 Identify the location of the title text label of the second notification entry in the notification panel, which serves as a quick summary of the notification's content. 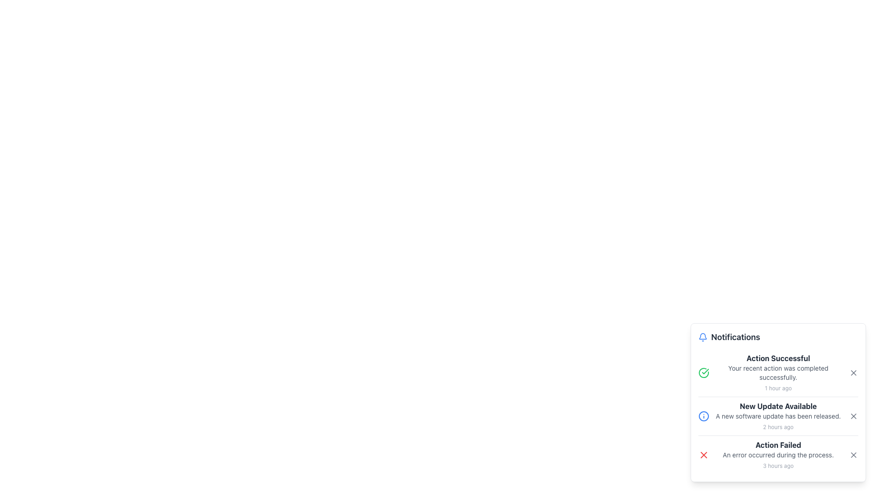
(778, 406).